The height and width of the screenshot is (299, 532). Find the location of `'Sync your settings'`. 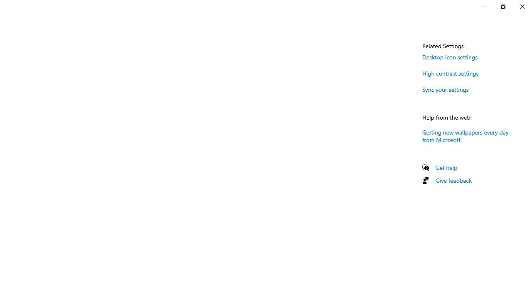

'Sync your settings' is located at coordinates (445, 89).